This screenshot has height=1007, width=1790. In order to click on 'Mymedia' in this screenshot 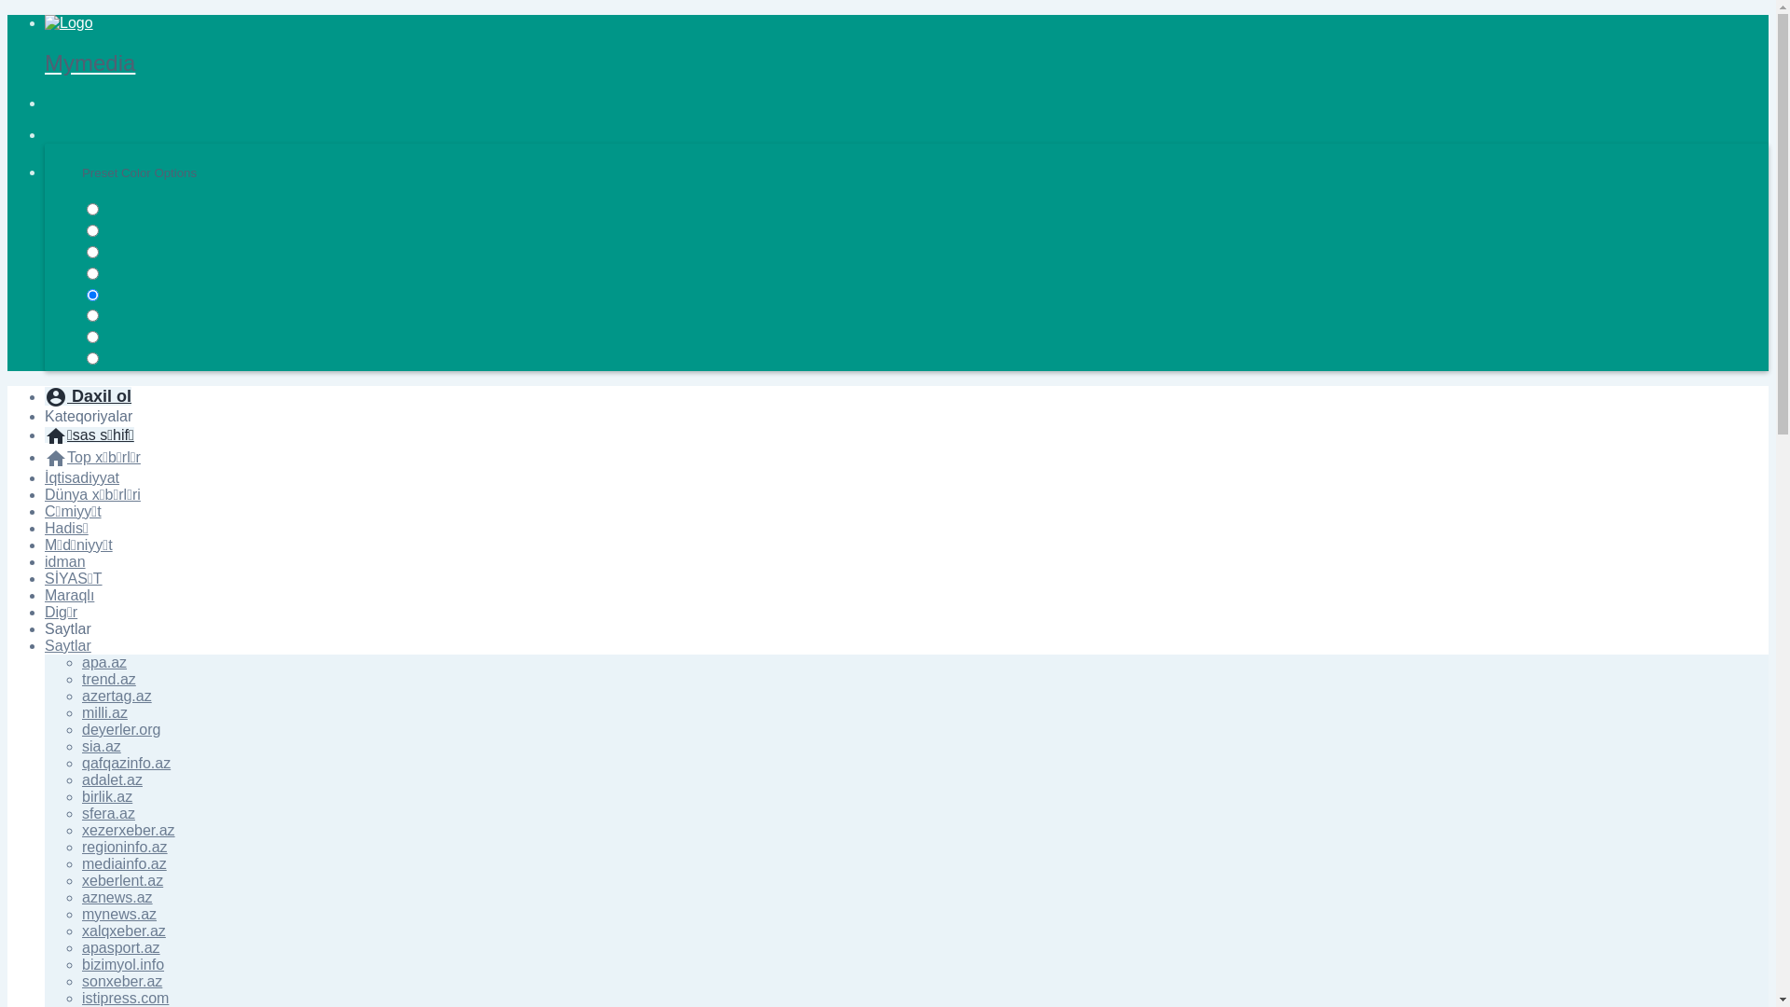, I will do `click(906, 45)`.